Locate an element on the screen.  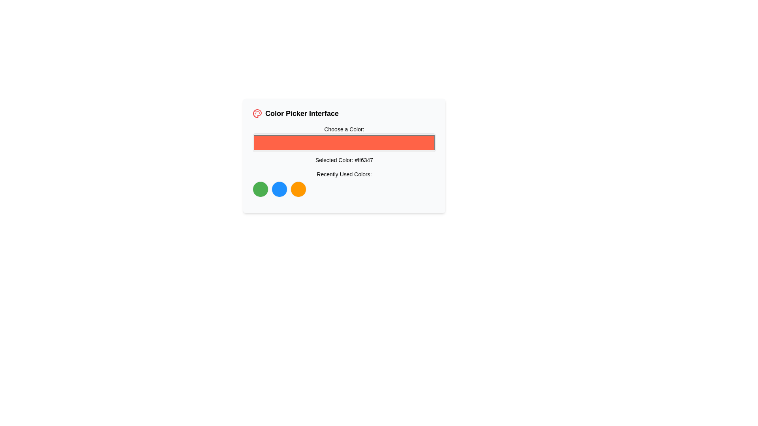
the first circular green button located at the bottom of the 'Recently Used Colors' section is located at coordinates (261, 189).